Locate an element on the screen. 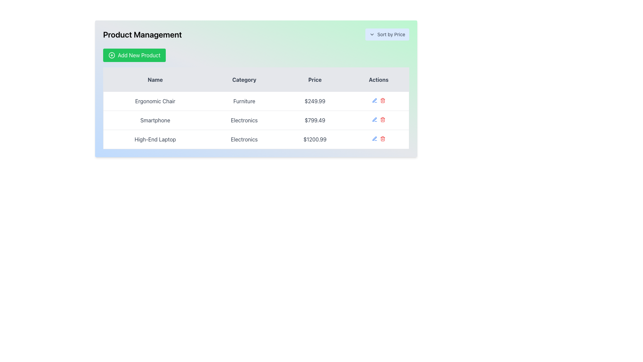 Image resolution: width=643 pixels, height=362 pixels. the delete icon button located in the second row of the 'Actions' column in the table to observe the hover effect is located at coordinates (382, 119).